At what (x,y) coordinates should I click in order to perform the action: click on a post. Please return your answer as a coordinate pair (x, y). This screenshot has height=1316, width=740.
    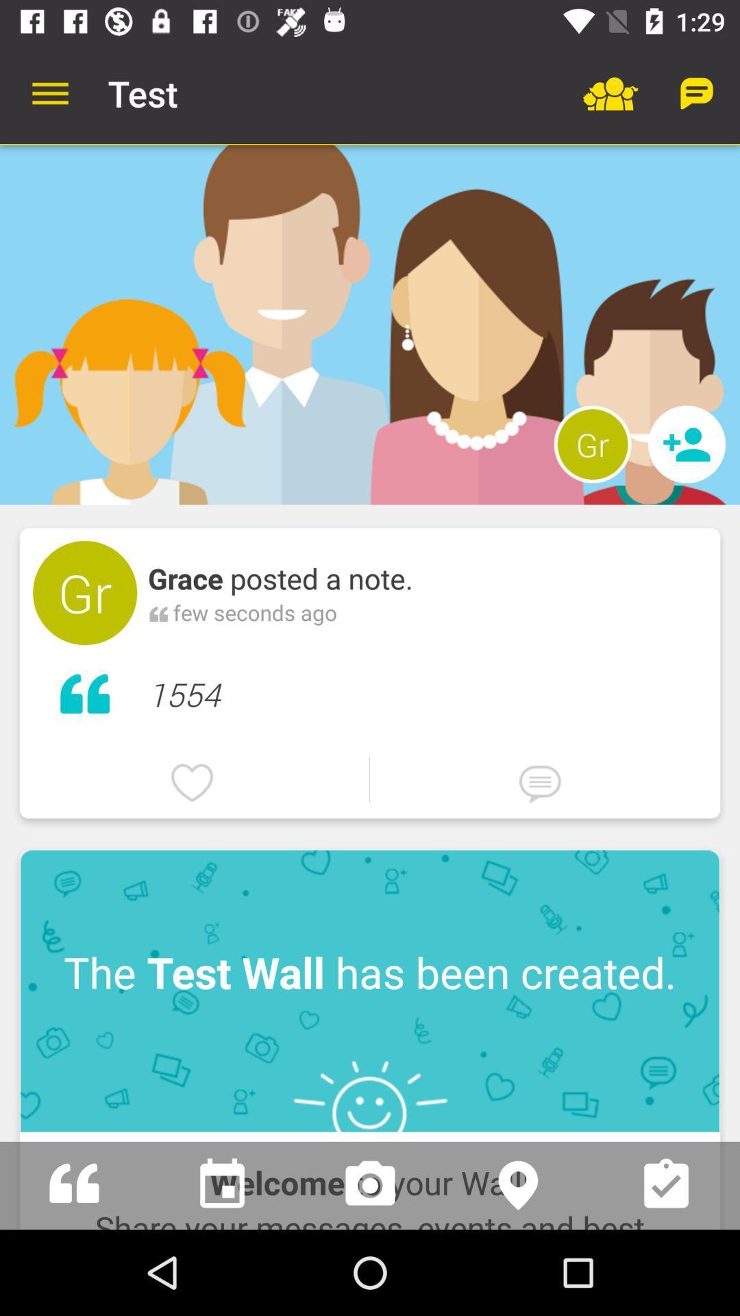
    Looking at the image, I should click on (74, 1184).